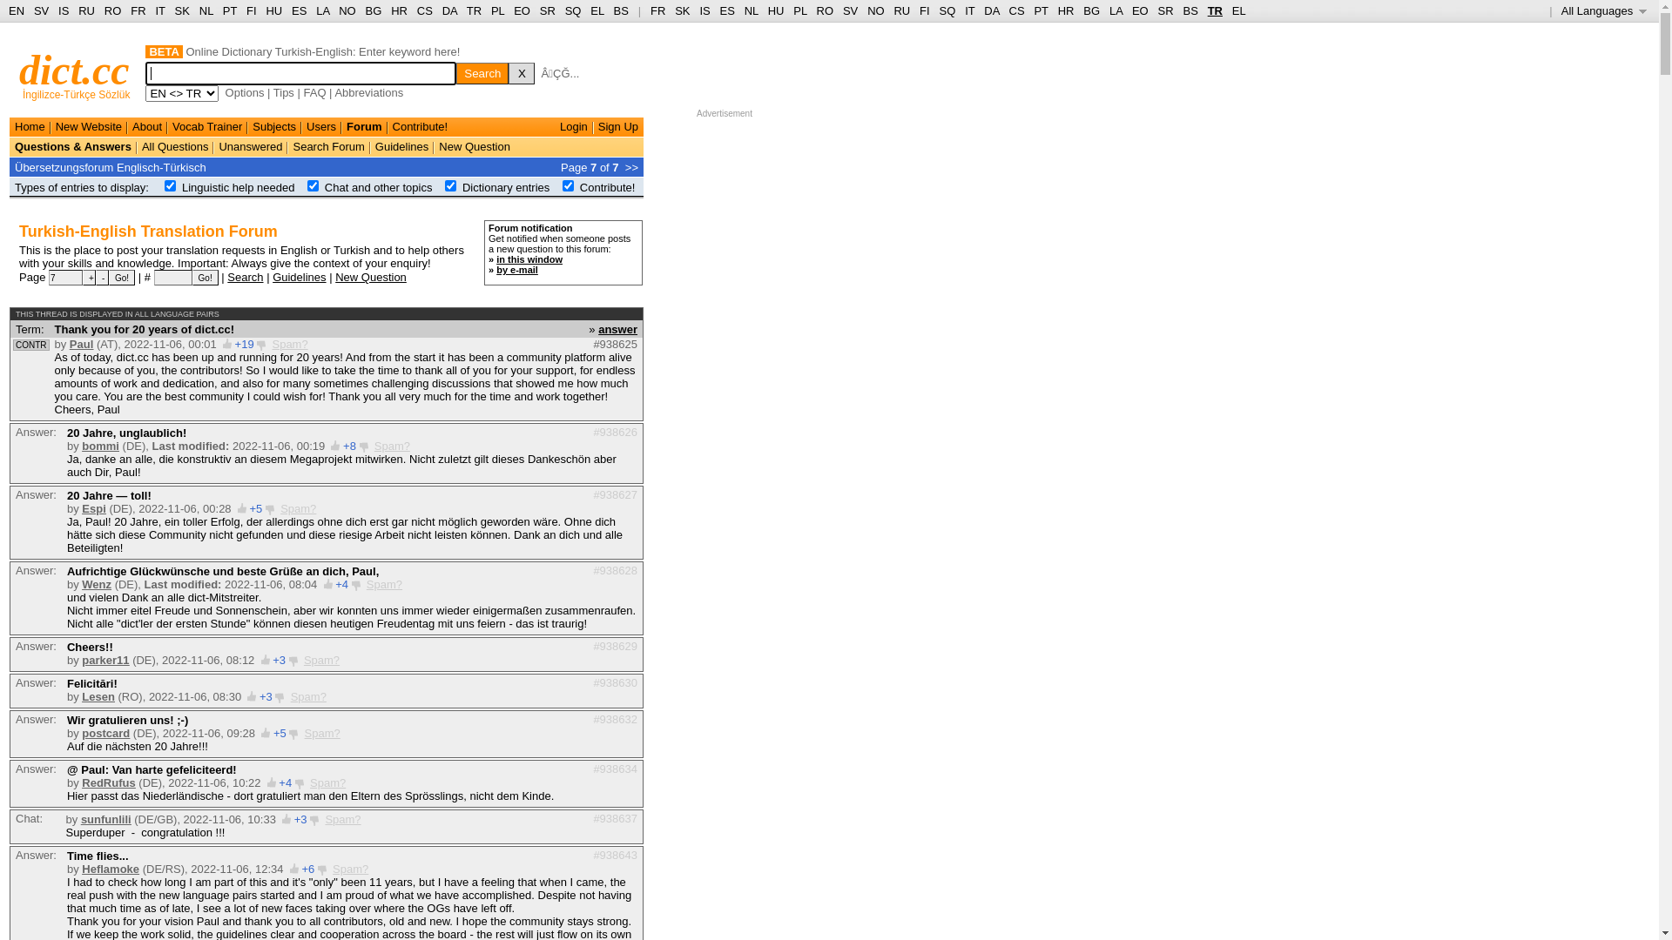  What do you see at coordinates (568, 185) in the screenshot?
I see `'on'` at bounding box center [568, 185].